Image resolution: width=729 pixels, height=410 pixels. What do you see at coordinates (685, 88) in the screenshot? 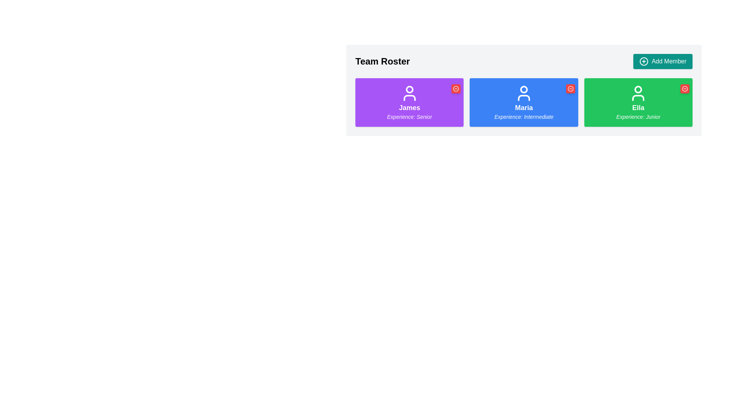
I see `the circular vector graphic within the red 'minus' icon located at the top-right corner of the green card labeled 'Ella'` at bounding box center [685, 88].